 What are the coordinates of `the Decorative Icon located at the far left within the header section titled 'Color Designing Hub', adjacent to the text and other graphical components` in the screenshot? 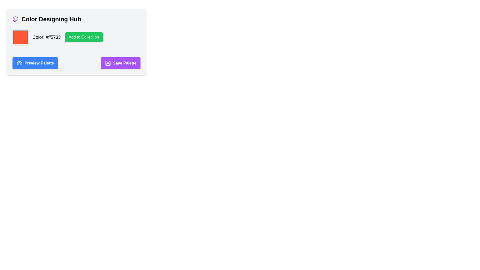 It's located at (15, 19).